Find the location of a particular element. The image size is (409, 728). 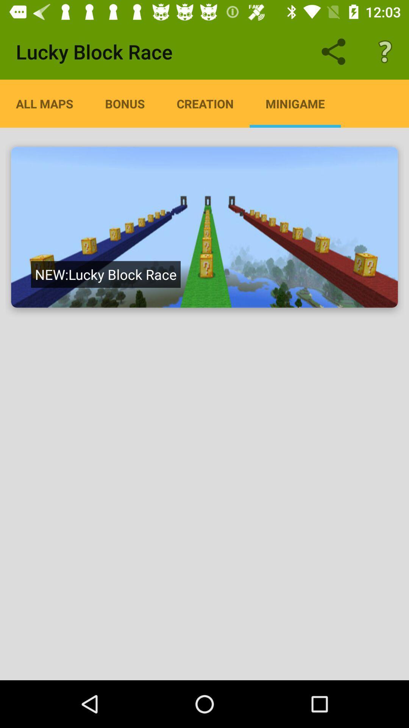

the item below all maps icon is located at coordinates (106, 274).